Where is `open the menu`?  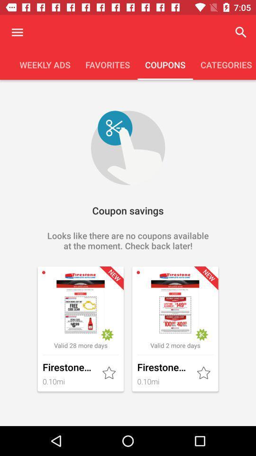 open the menu is located at coordinates (17, 32).